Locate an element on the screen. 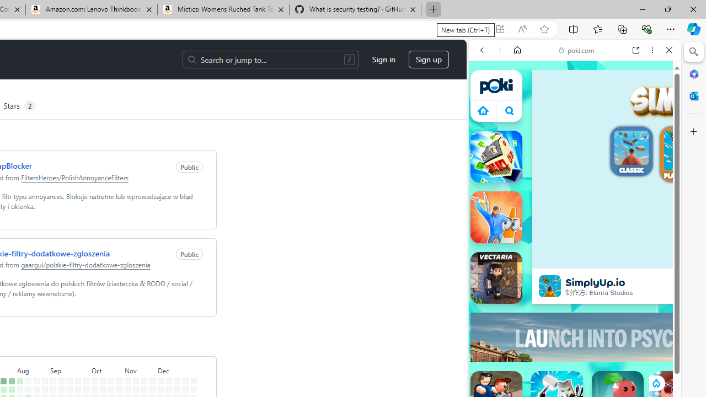  'No contributions on August 11th.' is located at coordinates (28, 380).